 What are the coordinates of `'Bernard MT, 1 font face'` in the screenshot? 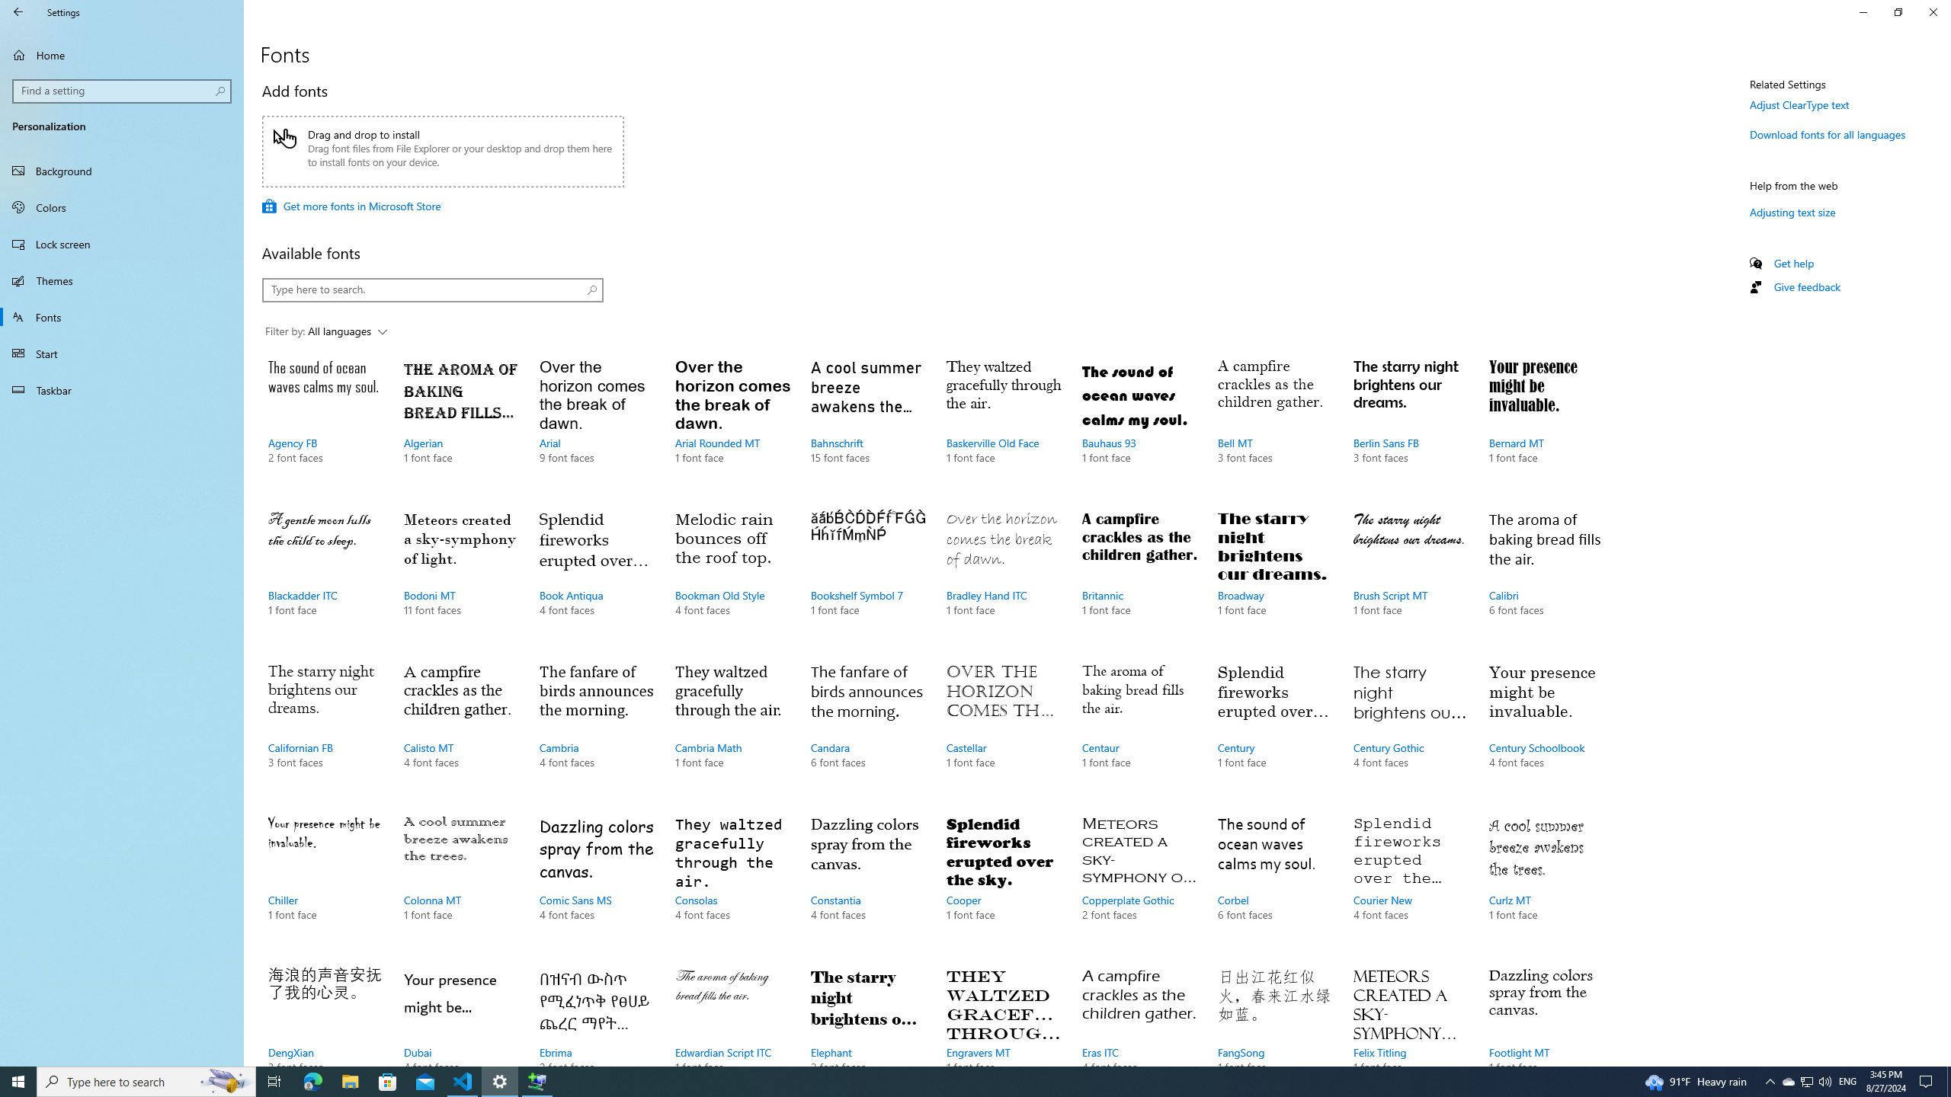 It's located at (1545, 426).